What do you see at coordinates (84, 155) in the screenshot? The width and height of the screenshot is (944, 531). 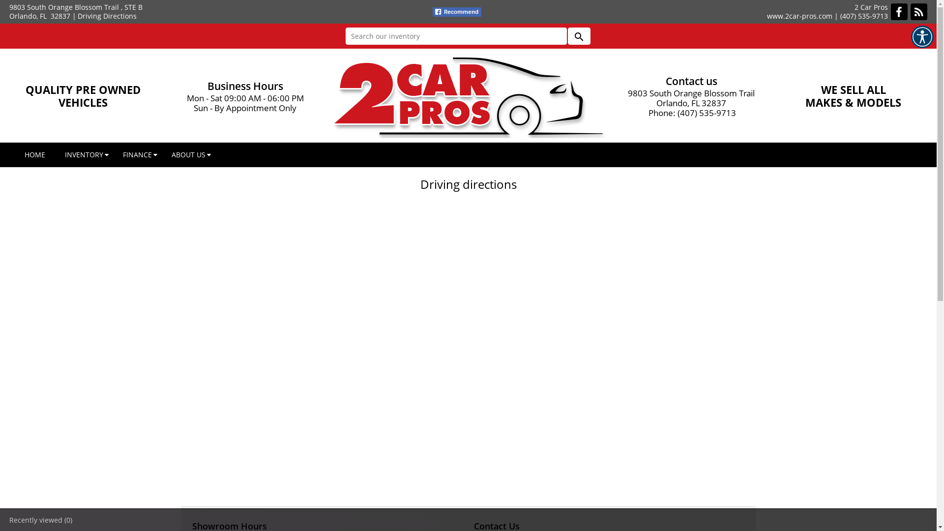 I see `'INVENTORY'` at bounding box center [84, 155].